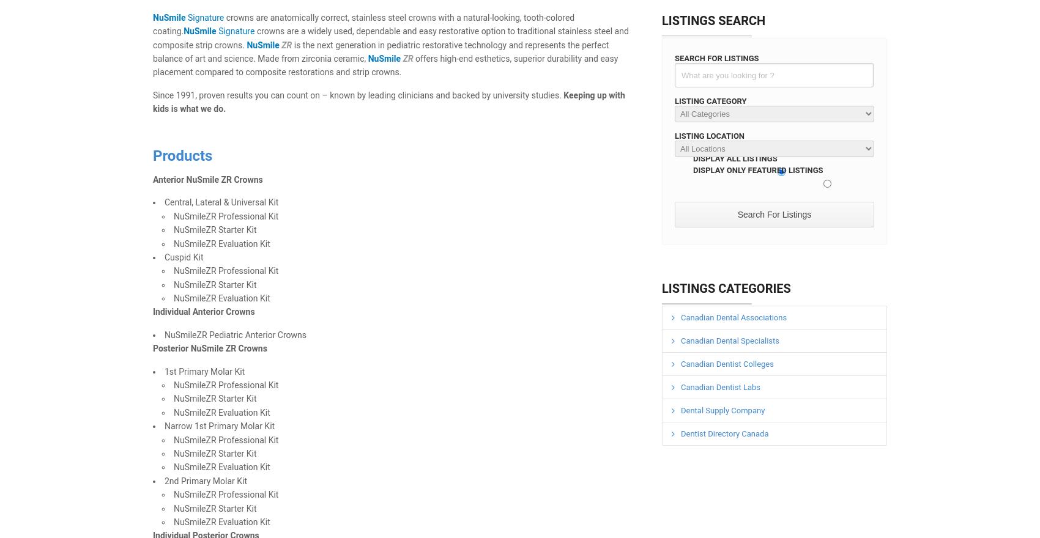  What do you see at coordinates (385, 64) in the screenshot?
I see `'offers high-end esthetics, superior durability and easy placement compared to composite restorations and strip crowns.'` at bounding box center [385, 64].